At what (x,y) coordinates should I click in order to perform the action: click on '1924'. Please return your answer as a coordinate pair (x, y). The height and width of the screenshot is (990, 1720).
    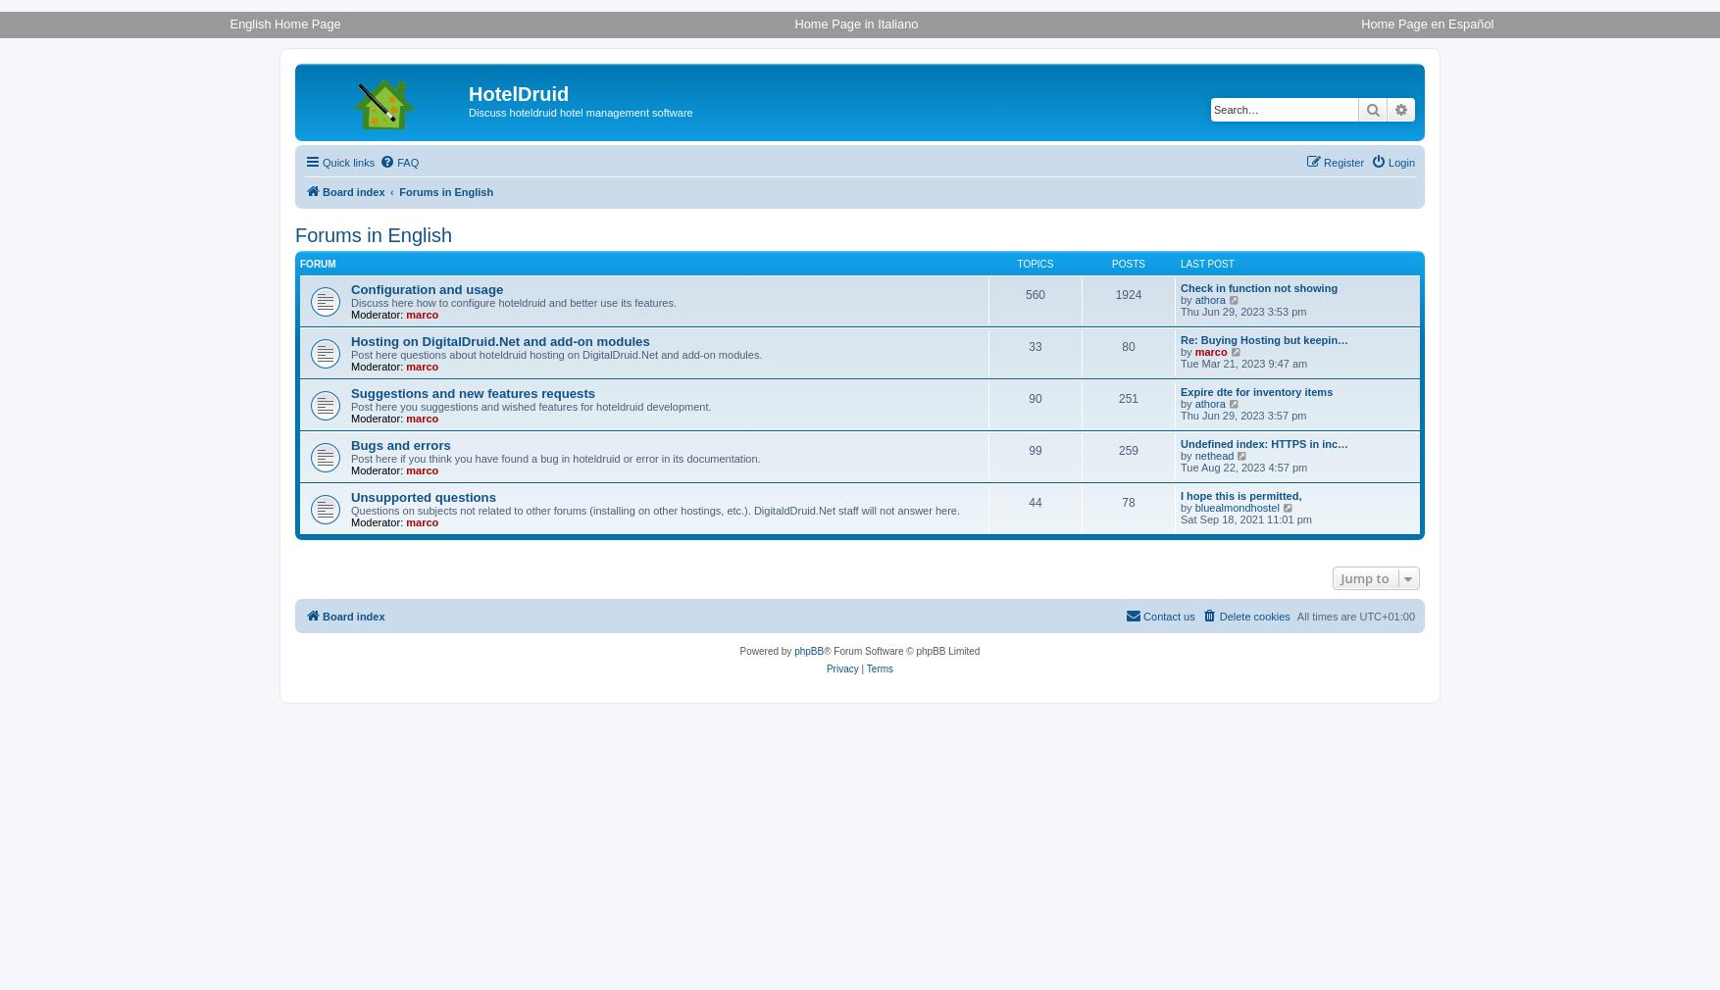
    Looking at the image, I should click on (1114, 294).